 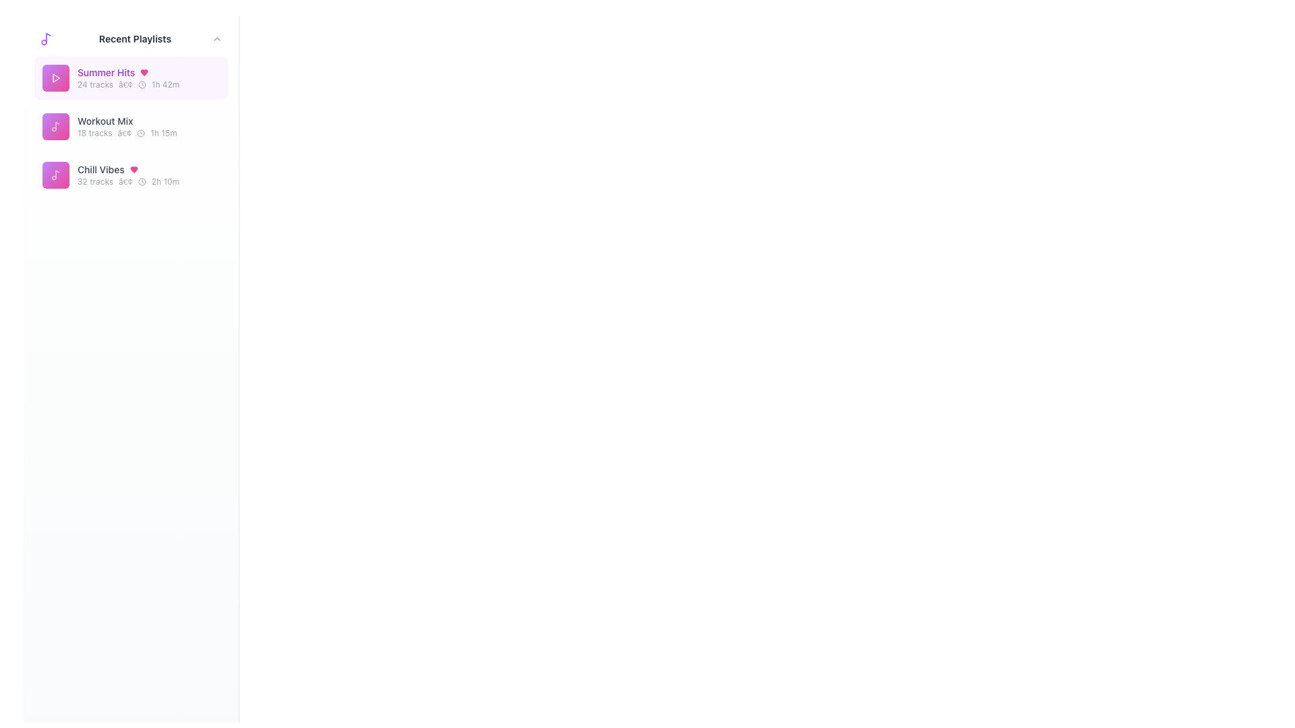 I want to click on the clock icon, which is a circular, outlined element with a minimalistic design, positioned between the text '•' and '2h 10m' in the 'Chill Vibes' entry, so click(x=142, y=182).